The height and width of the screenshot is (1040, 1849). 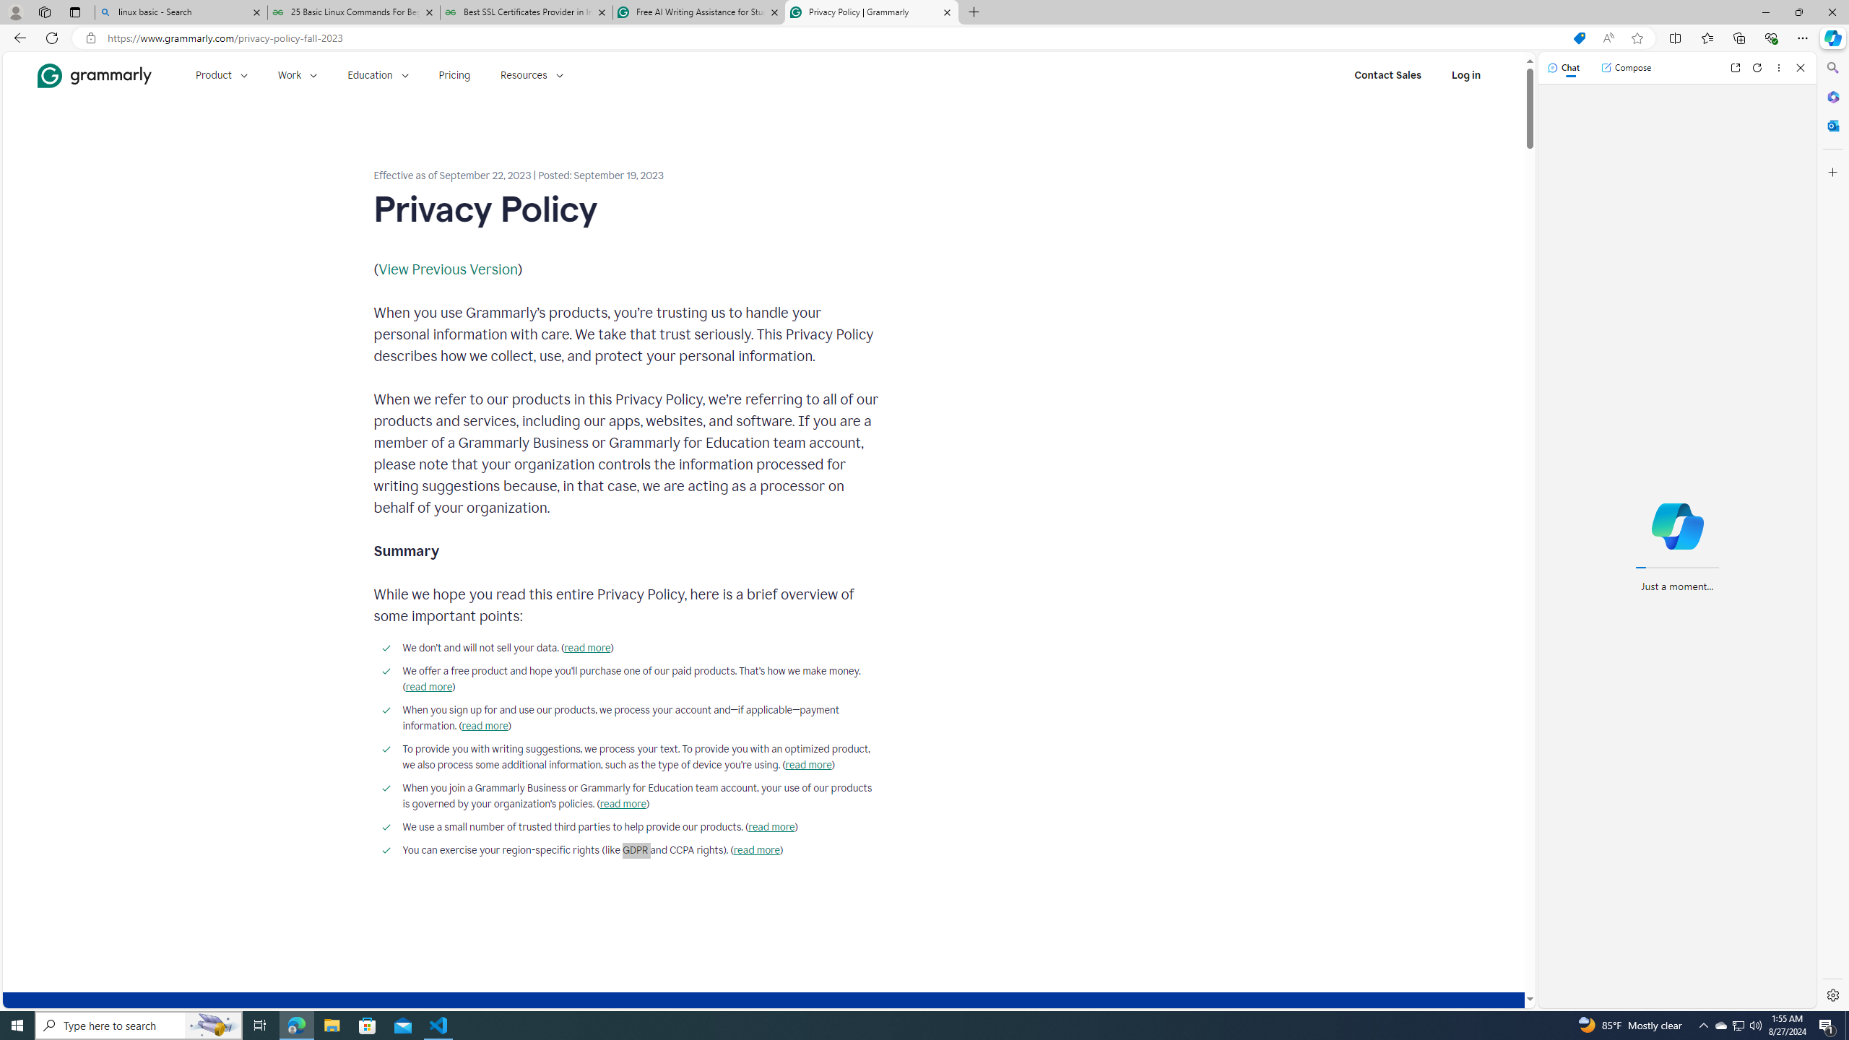 I want to click on 'Free AI Writing Assistance for Students | Grammarly', so click(x=698, y=12).